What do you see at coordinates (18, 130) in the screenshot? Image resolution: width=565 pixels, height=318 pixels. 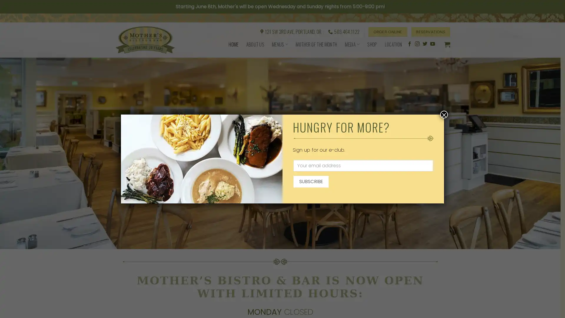 I see `Previous` at bounding box center [18, 130].